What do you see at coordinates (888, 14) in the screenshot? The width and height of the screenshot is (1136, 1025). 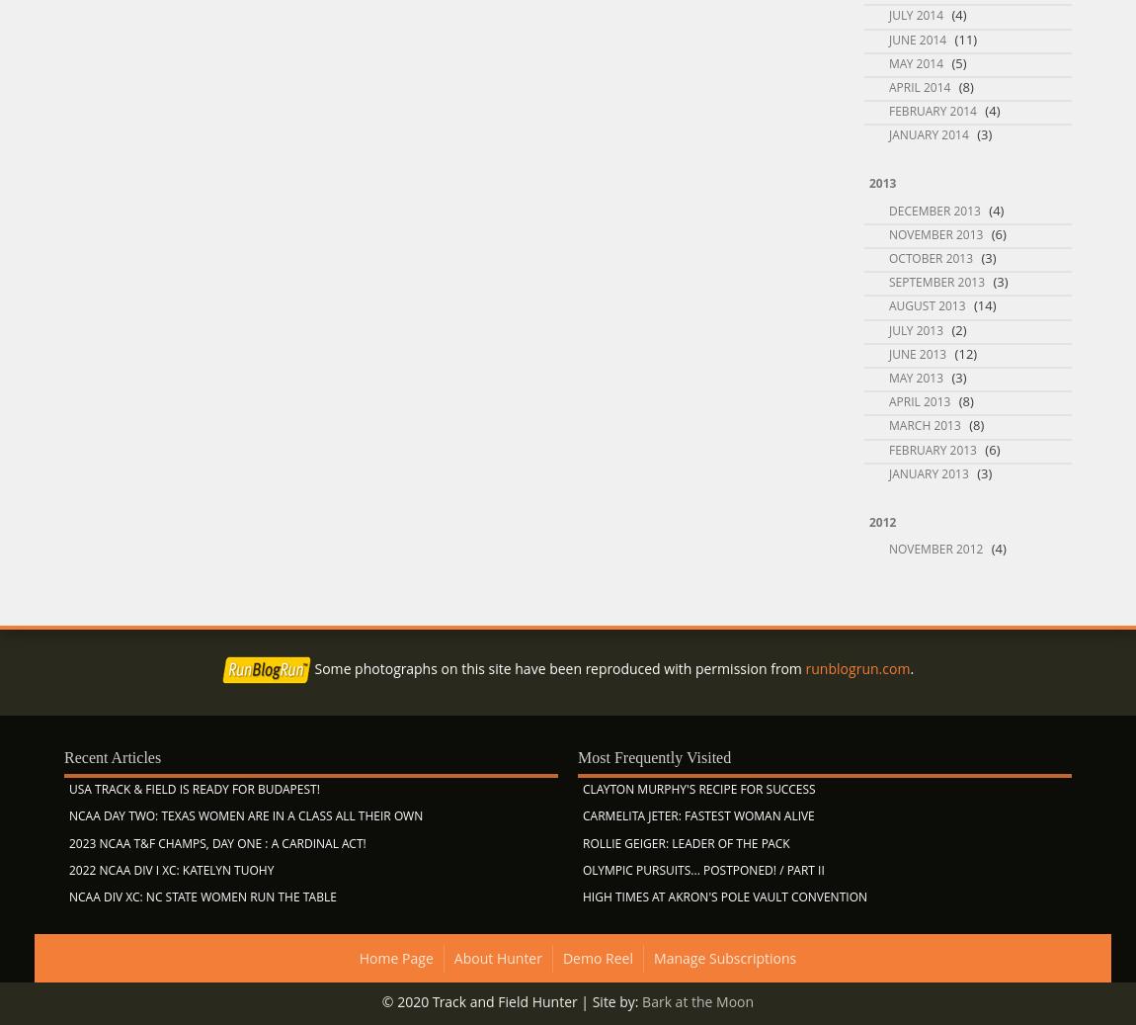 I see `'July 2014'` at bounding box center [888, 14].